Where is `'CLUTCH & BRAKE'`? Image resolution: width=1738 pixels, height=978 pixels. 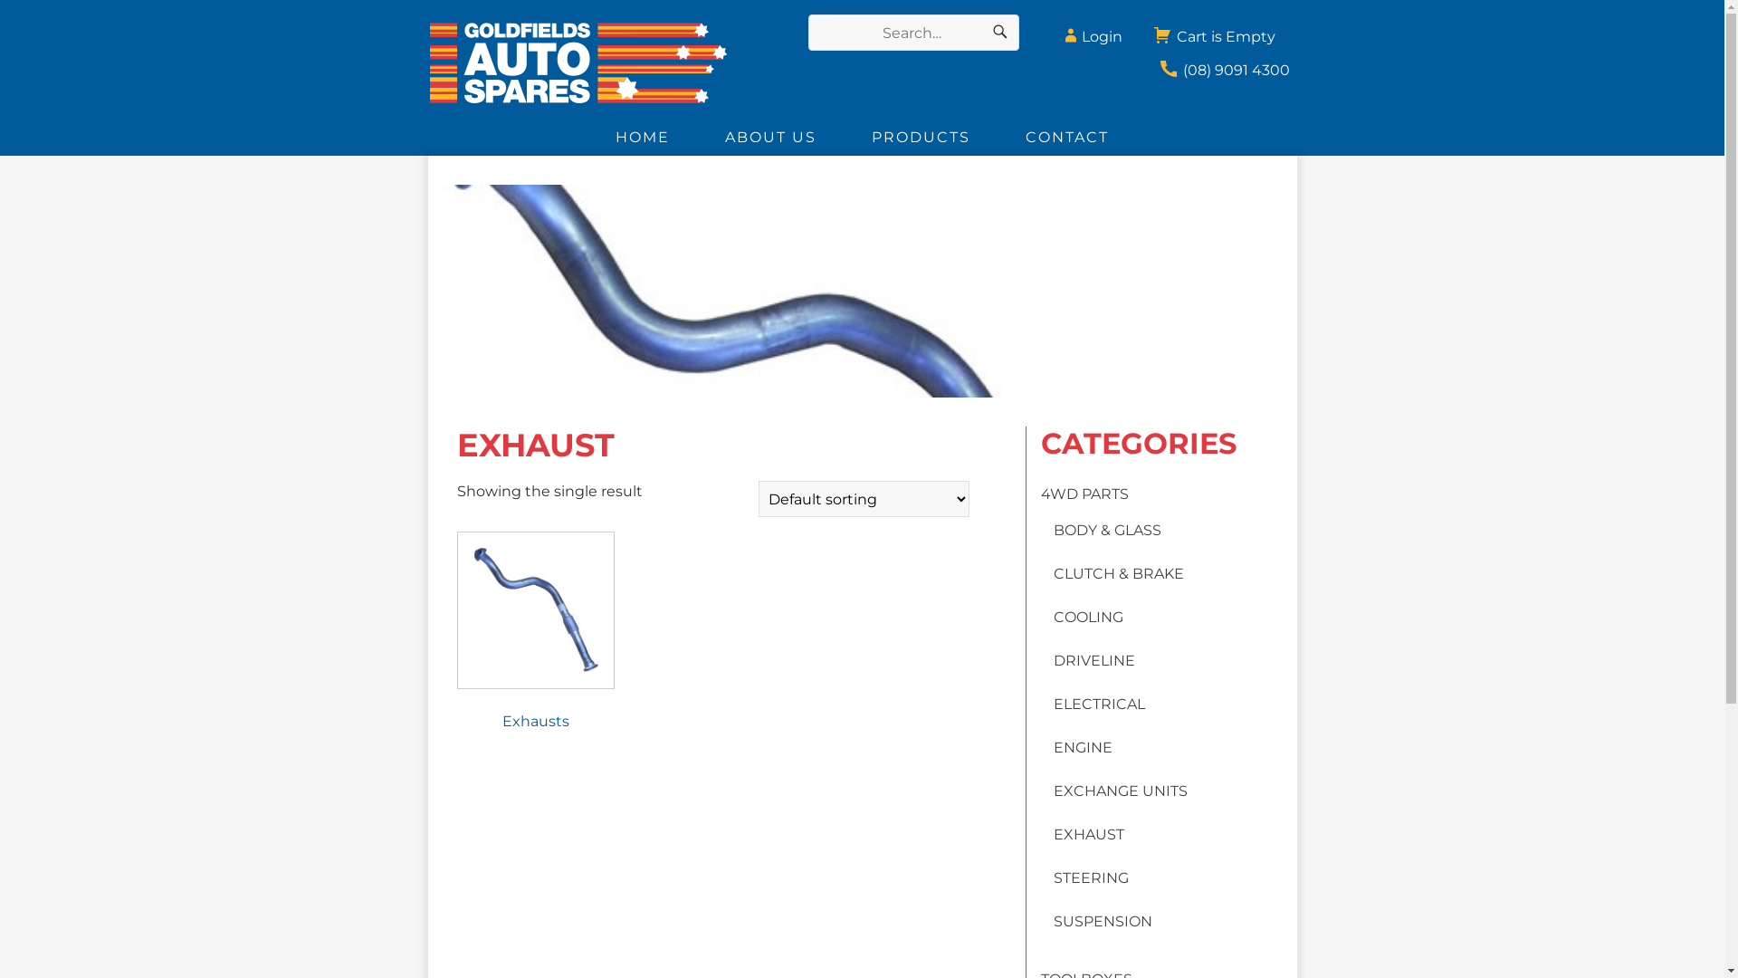 'CLUTCH & BRAKE' is located at coordinates (1053, 573).